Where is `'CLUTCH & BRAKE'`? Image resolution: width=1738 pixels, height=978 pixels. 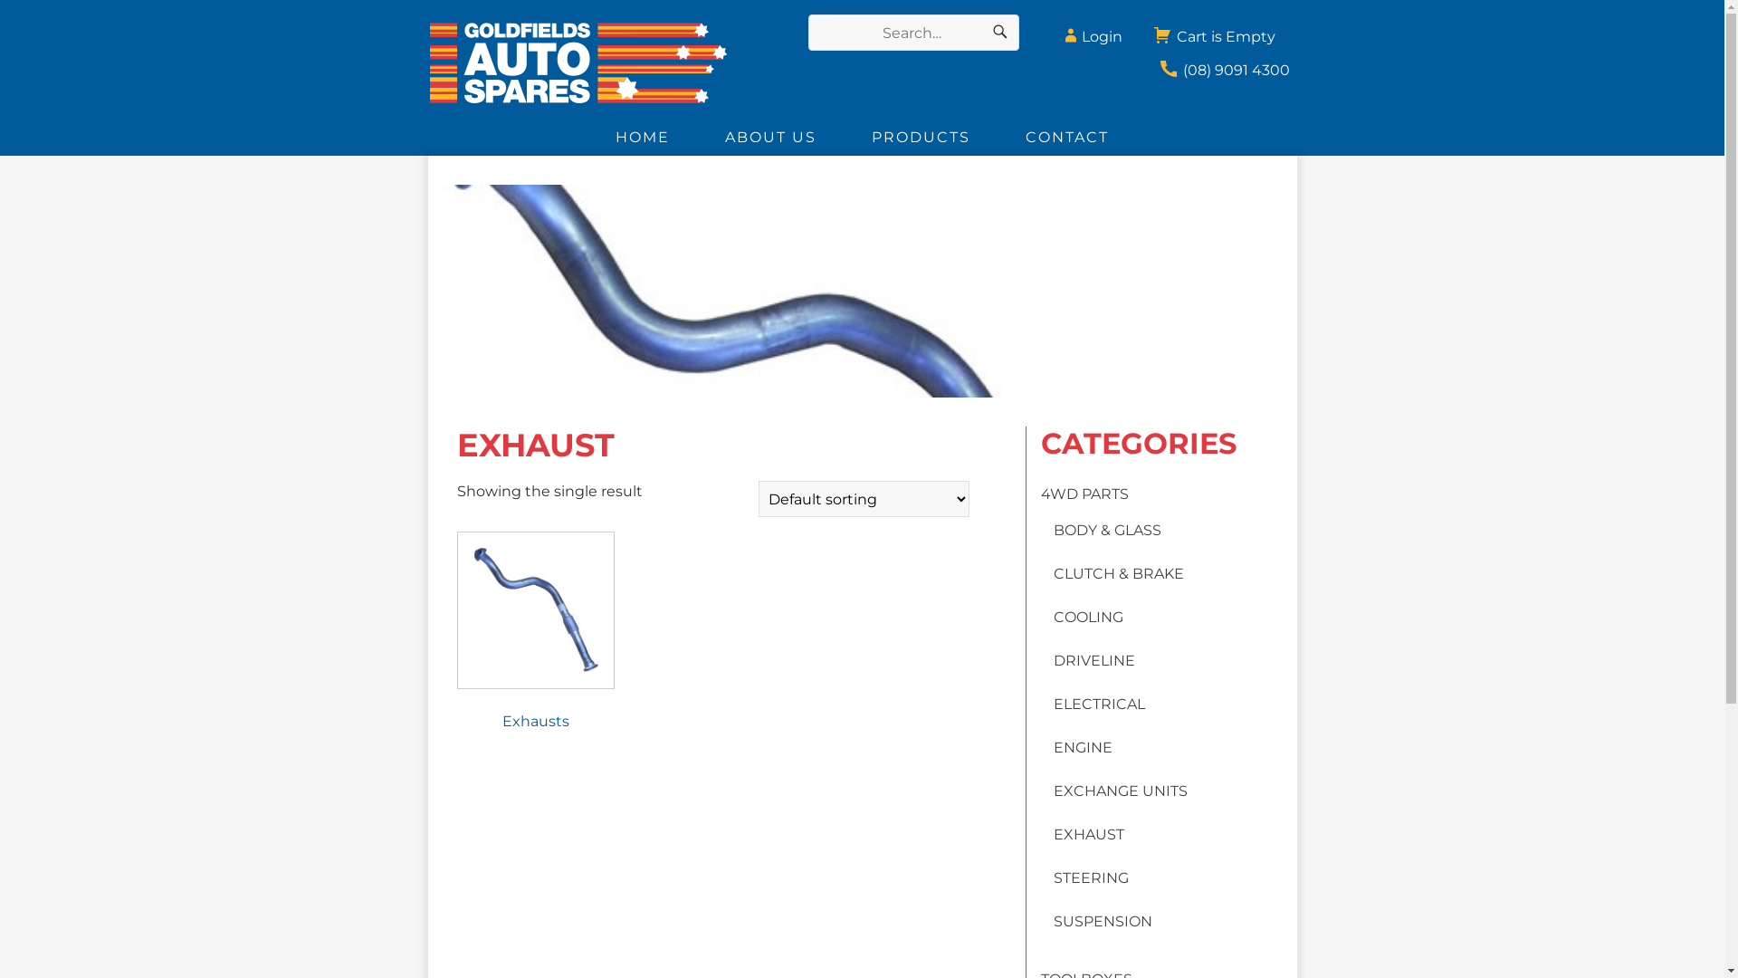 'CLUTCH & BRAKE' is located at coordinates (1053, 573).